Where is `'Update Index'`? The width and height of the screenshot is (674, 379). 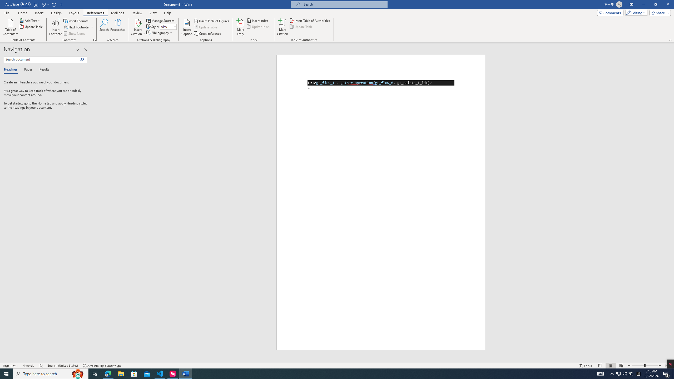 'Update Index' is located at coordinates (259, 26).